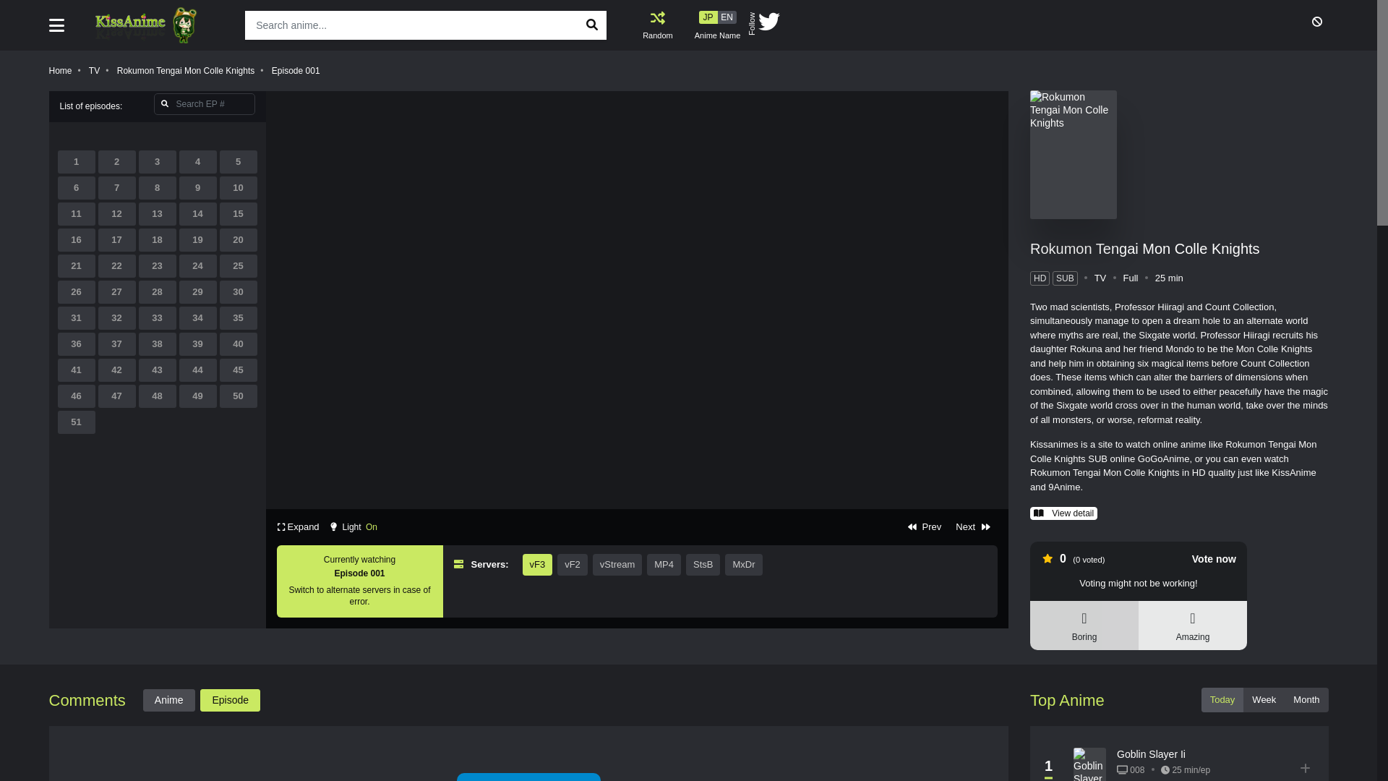 This screenshot has width=1388, height=781. What do you see at coordinates (157, 187) in the screenshot?
I see `'8'` at bounding box center [157, 187].